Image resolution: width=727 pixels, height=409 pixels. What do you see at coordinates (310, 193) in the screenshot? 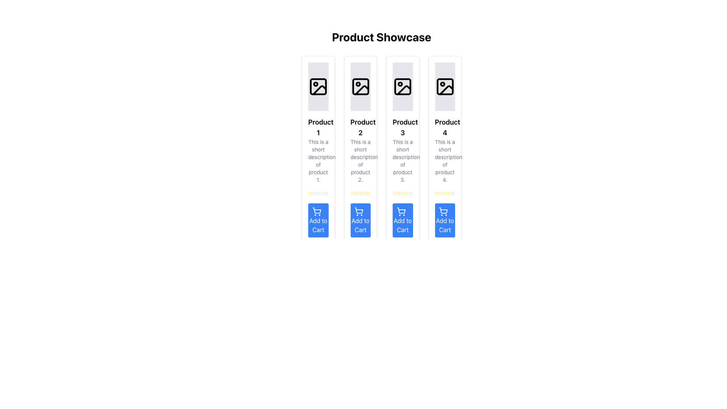
I see `the first star icon in the row of five stars below the product description section of the first product card` at bounding box center [310, 193].